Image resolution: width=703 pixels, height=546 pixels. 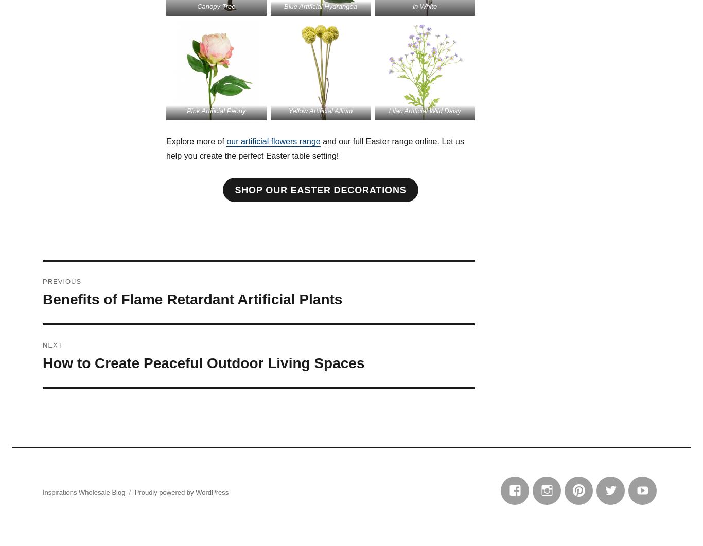 What do you see at coordinates (320, 189) in the screenshot?
I see `'Shop Our Easter Decorations'` at bounding box center [320, 189].